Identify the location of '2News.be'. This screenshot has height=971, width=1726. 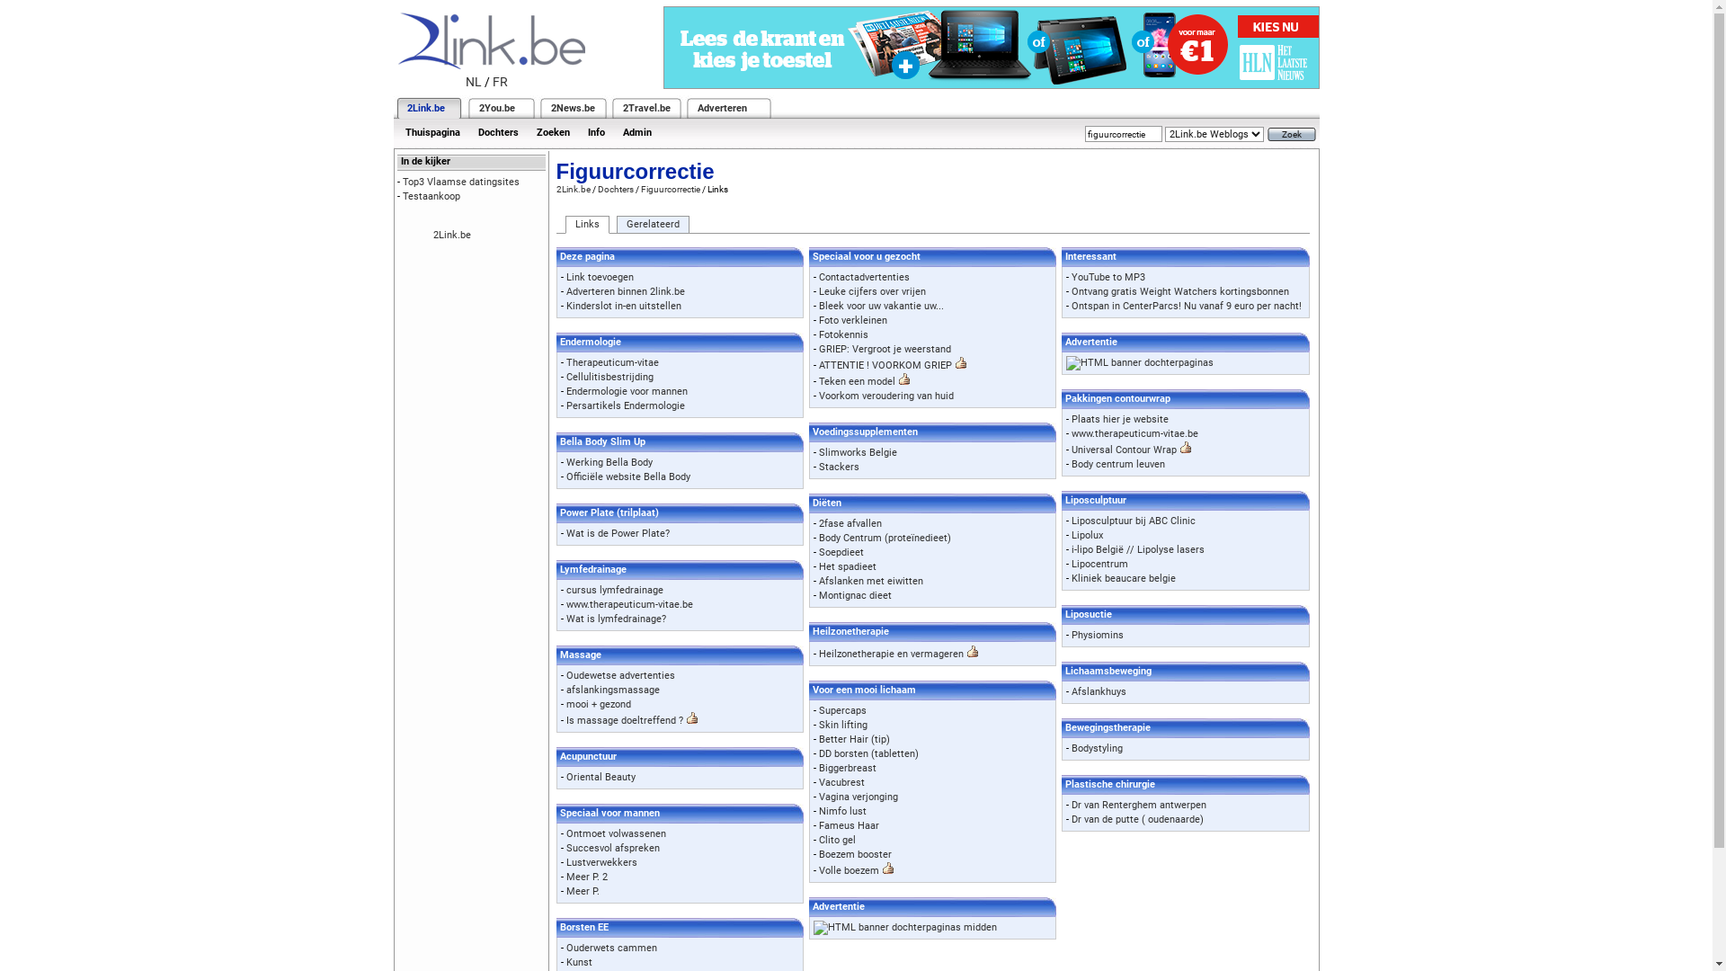
(571, 108).